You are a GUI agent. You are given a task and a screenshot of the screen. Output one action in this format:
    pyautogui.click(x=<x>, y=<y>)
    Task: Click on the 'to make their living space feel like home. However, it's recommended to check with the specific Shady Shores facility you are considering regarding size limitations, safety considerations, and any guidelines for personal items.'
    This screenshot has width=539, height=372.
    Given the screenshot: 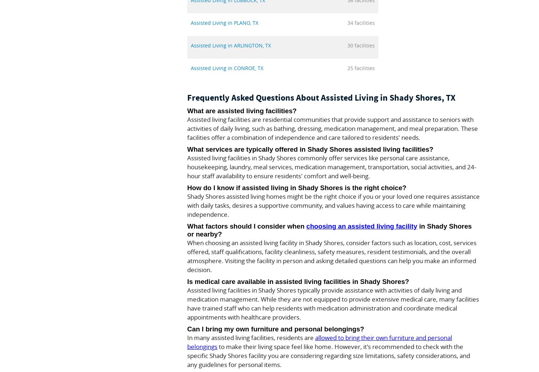 What is the action you would take?
    pyautogui.click(x=187, y=355)
    